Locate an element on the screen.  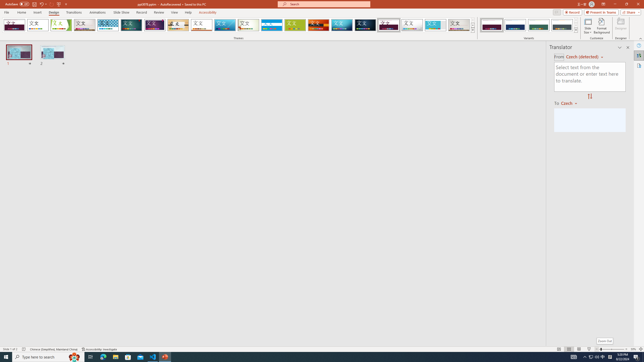
'Zoom 30%' is located at coordinates (633, 349).